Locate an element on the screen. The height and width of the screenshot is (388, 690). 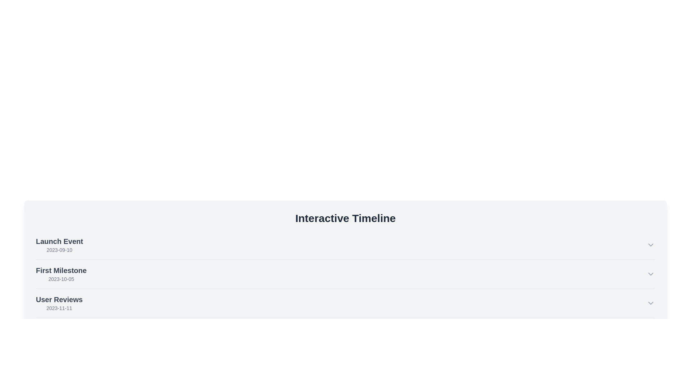
the date label displaying '2023-10-05', which is styled in a small gray font and located below the 'First Milestone' title in the second item of the vertical list is located at coordinates (61, 278).